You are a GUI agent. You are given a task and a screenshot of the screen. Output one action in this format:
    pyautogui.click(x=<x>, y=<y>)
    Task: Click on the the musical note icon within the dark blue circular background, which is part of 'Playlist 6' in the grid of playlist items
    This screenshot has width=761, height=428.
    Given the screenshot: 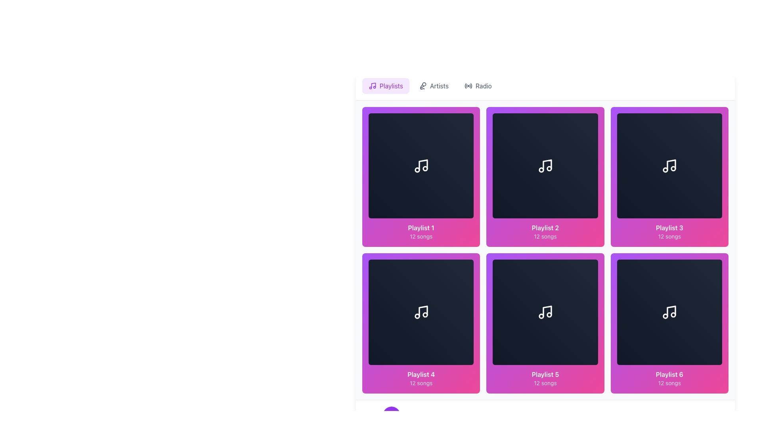 What is the action you would take?
    pyautogui.click(x=669, y=311)
    